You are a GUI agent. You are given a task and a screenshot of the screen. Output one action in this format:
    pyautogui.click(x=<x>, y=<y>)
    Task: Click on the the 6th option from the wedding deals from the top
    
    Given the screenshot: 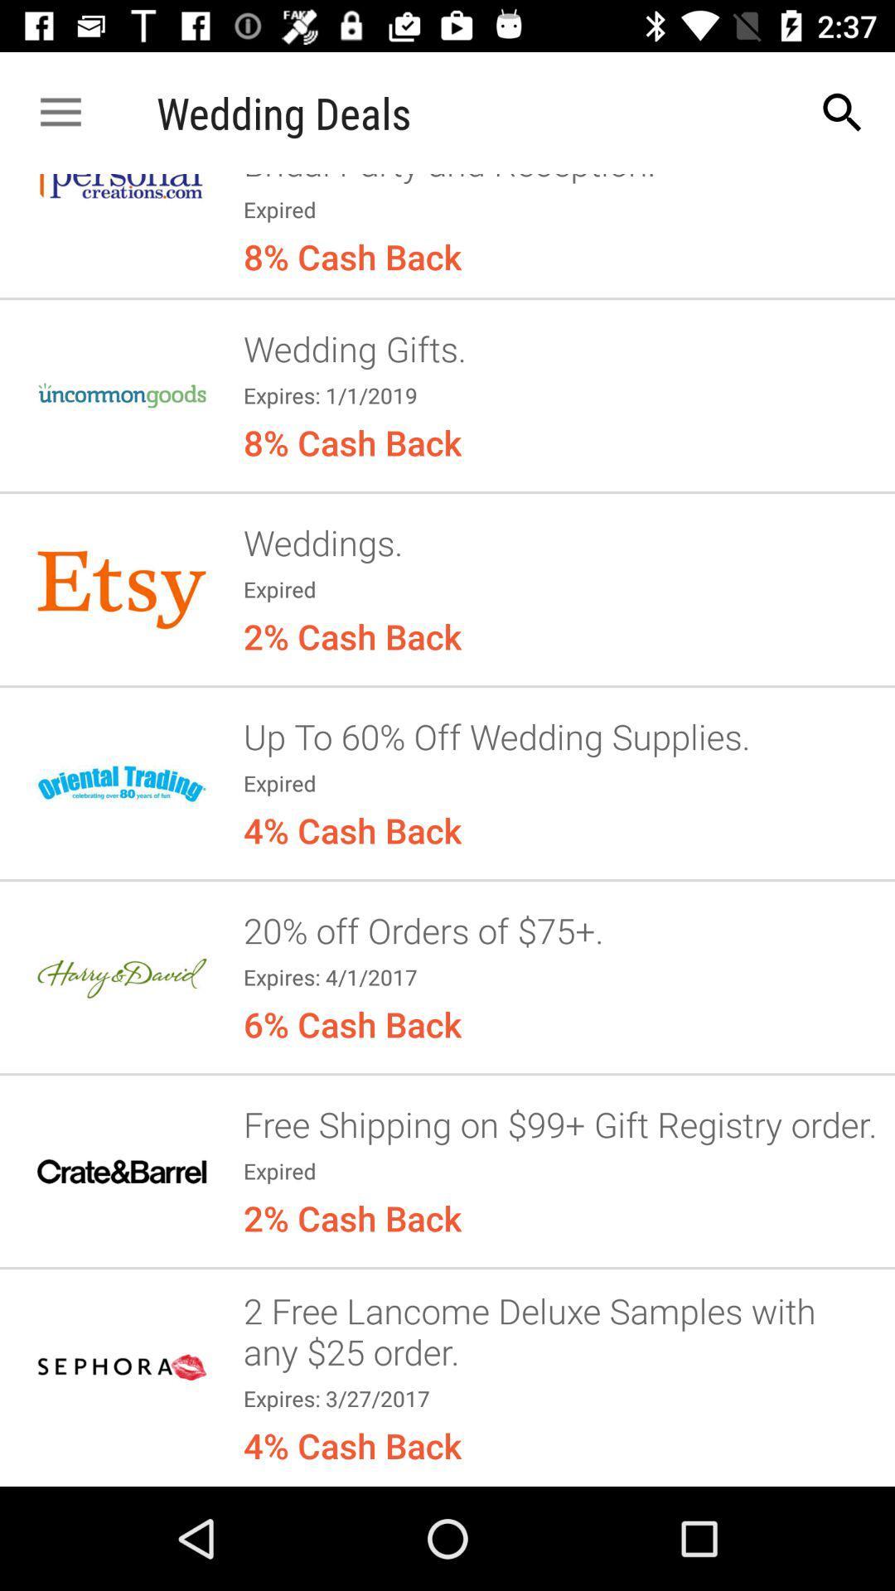 What is the action you would take?
    pyautogui.click(x=120, y=1170)
    